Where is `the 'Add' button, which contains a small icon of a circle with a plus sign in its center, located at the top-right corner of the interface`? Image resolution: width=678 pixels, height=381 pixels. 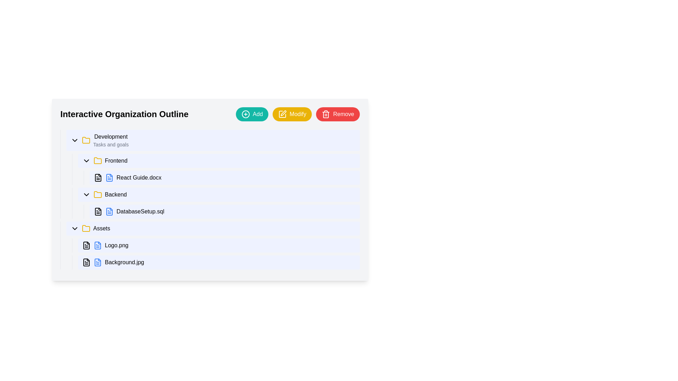
the 'Add' button, which contains a small icon of a circle with a plus sign in its center, located at the top-right corner of the interface is located at coordinates (245, 114).